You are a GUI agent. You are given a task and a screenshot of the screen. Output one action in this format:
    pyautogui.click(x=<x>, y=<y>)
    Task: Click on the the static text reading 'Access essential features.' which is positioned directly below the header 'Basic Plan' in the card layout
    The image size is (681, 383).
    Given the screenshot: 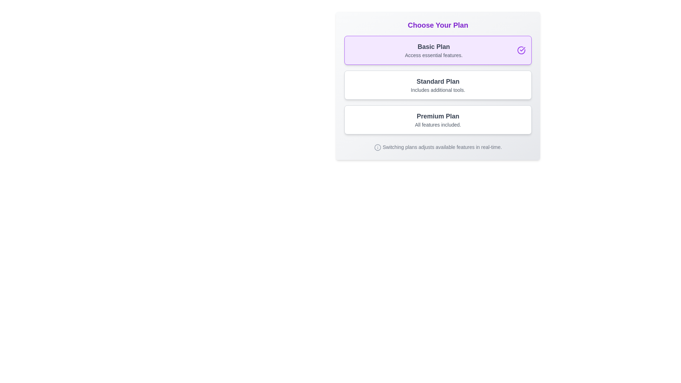 What is the action you would take?
    pyautogui.click(x=433, y=55)
    